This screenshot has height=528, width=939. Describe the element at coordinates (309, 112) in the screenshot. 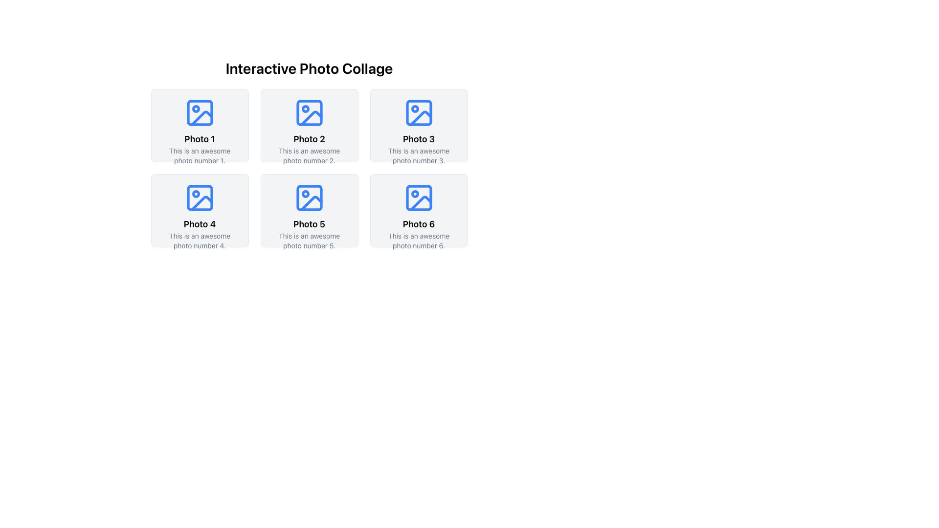

I see `the small rectangle with rounded corners inside the 'Photo 2' icon, positioned near the top-left corner of the inner frame` at that location.